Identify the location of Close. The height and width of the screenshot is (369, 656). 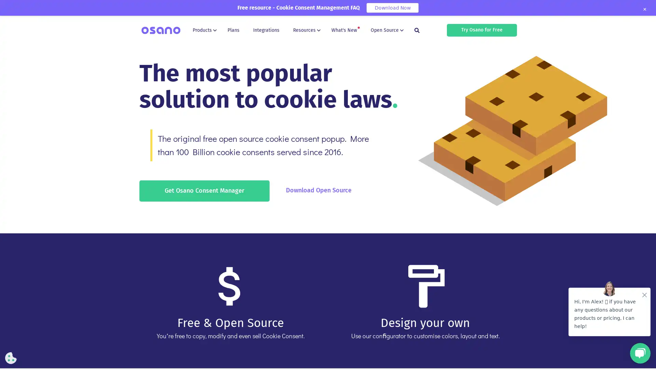
(644, 9).